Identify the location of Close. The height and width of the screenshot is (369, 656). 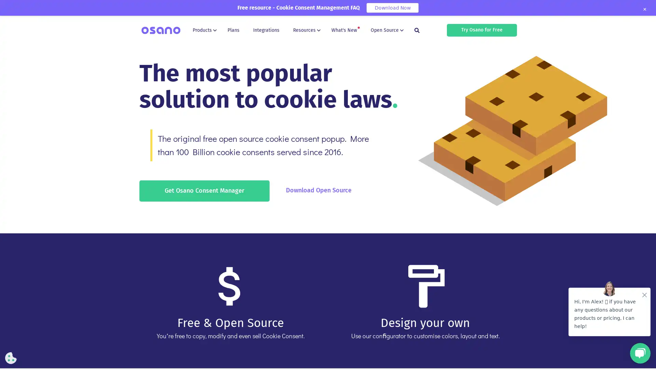
(644, 9).